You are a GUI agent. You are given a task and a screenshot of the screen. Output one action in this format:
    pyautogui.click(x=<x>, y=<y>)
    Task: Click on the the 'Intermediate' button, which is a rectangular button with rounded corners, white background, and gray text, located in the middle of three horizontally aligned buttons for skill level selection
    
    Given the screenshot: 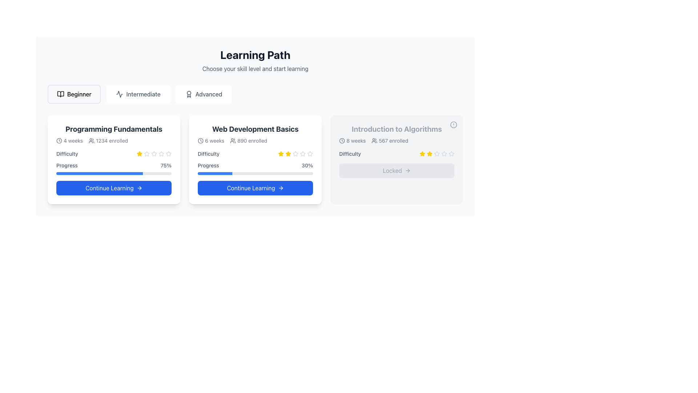 What is the action you would take?
    pyautogui.click(x=138, y=94)
    